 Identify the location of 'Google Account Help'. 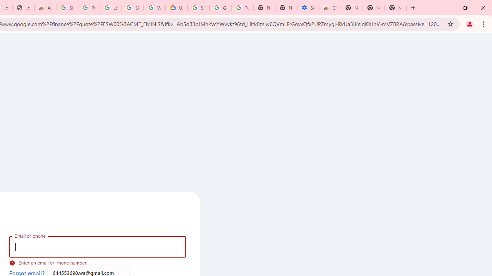
(220, 8).